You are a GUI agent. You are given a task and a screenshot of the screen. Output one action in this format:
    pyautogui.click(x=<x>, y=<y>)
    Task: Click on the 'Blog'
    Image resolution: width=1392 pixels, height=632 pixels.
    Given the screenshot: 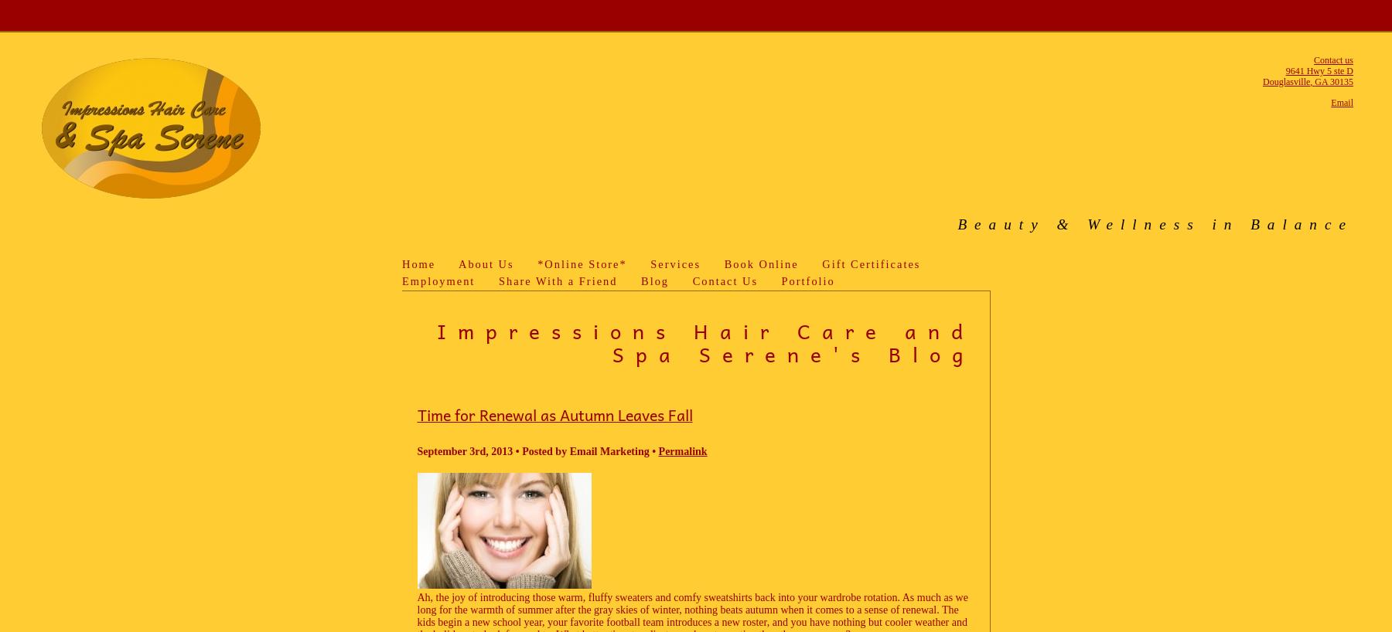 What is the action you would take?
    pyautogui.click(x=655, y=281)
    